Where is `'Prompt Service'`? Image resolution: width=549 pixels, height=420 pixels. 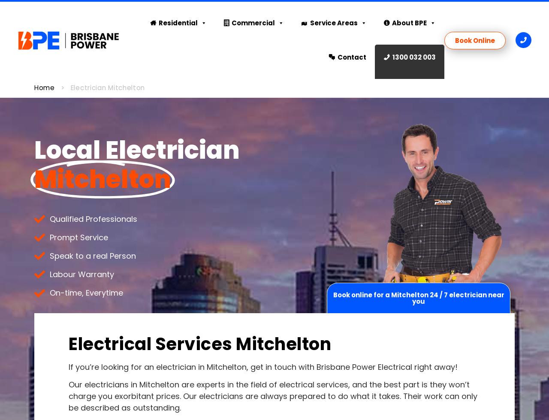 'Prompt Service' is located at coordinates (78, 236).